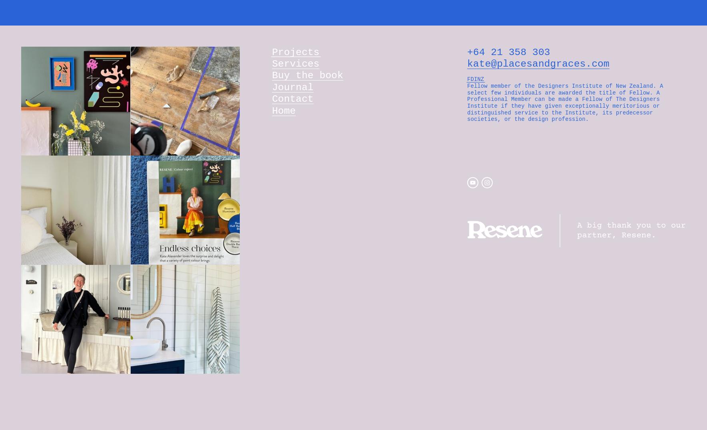 This screenshot has width=707, height=430. I want to click on 'Buy the book', so click(272, 75).